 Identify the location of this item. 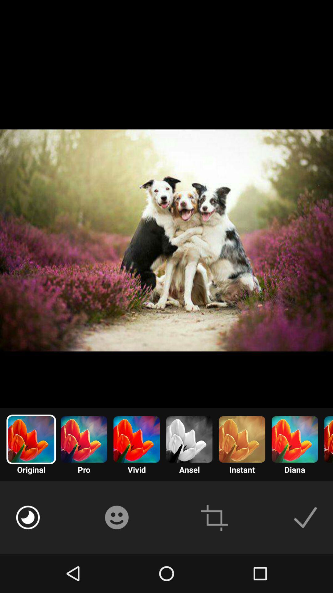
(305, 517).